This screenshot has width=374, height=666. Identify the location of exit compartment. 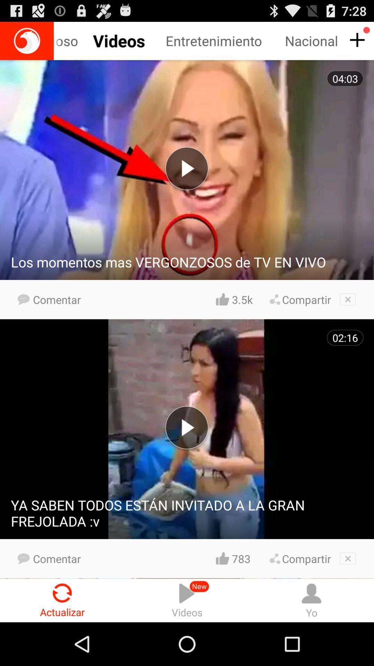
(348, 558).